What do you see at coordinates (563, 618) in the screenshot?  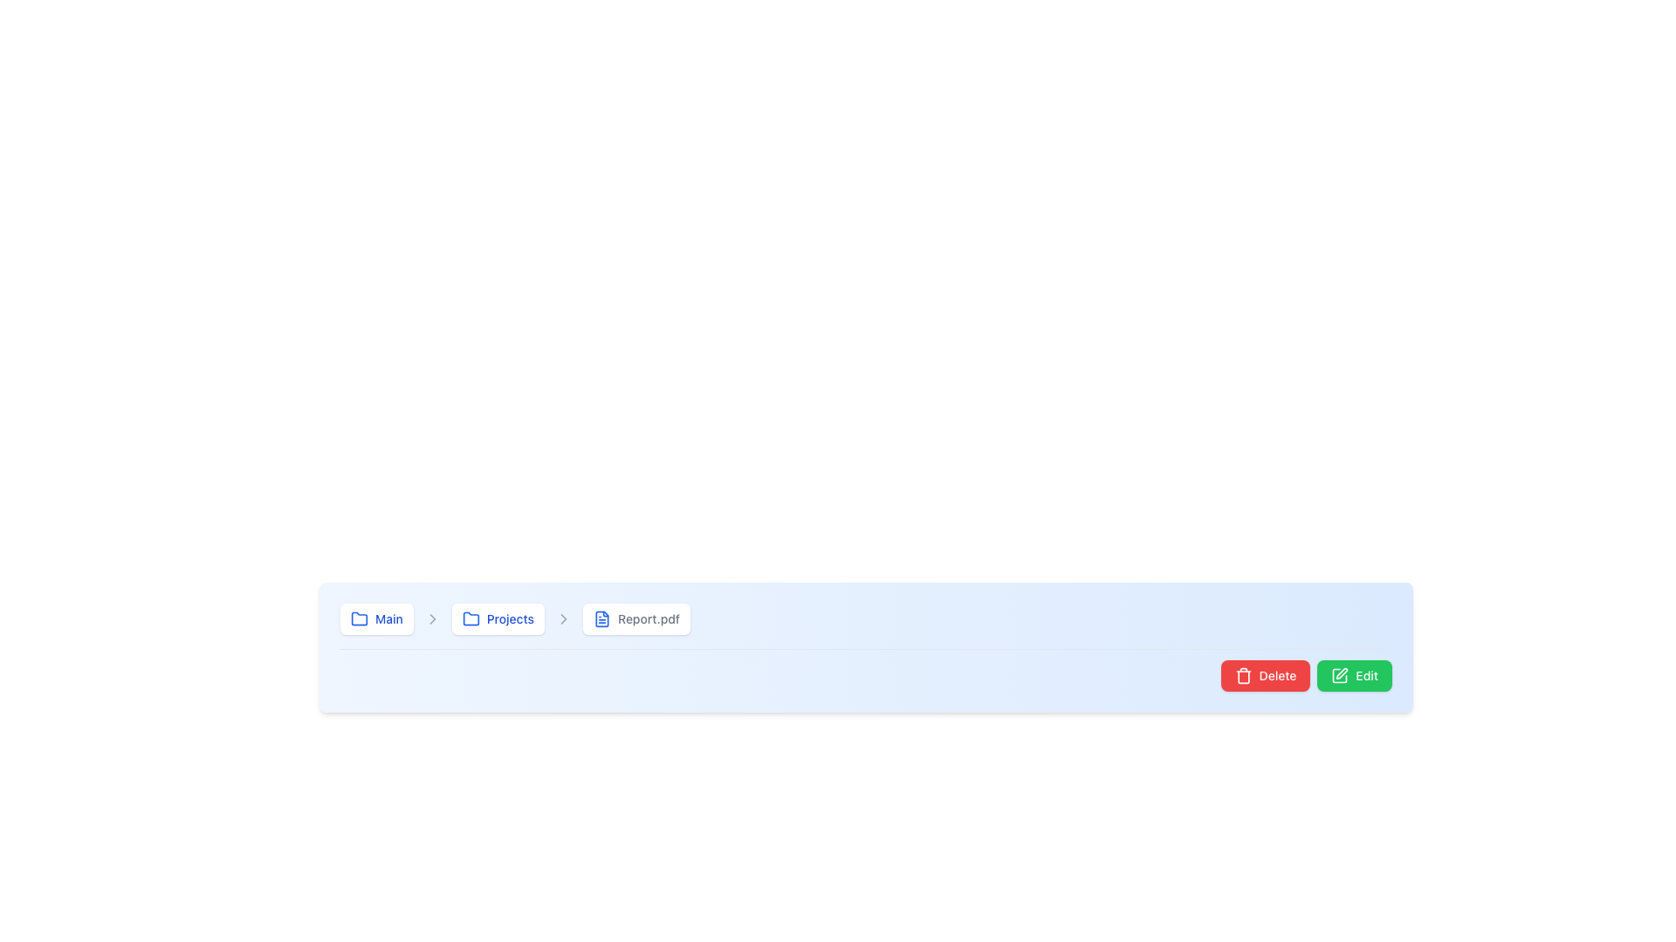 I see `the chevron-shaped arrow icon, which is the third arrow separator in the breadcrumbs navigation bar, located between 'Projects' and 'Report.pdf'` at bounding box center [563, 618].